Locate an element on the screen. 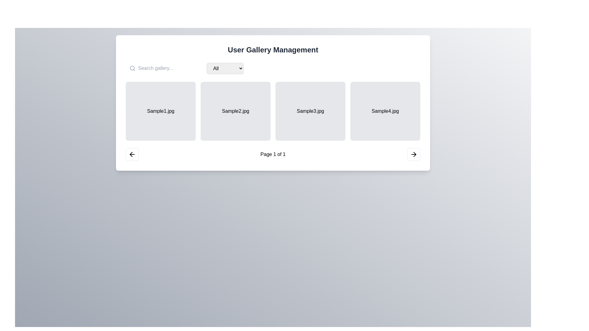 The width and height of the screenshot is (589, 331). the Card element representing the gallery item 'Sample3.jpg' located in the third position of the grid layout within the 'User Gallery Management' panel is located at coordinates (310, 111).